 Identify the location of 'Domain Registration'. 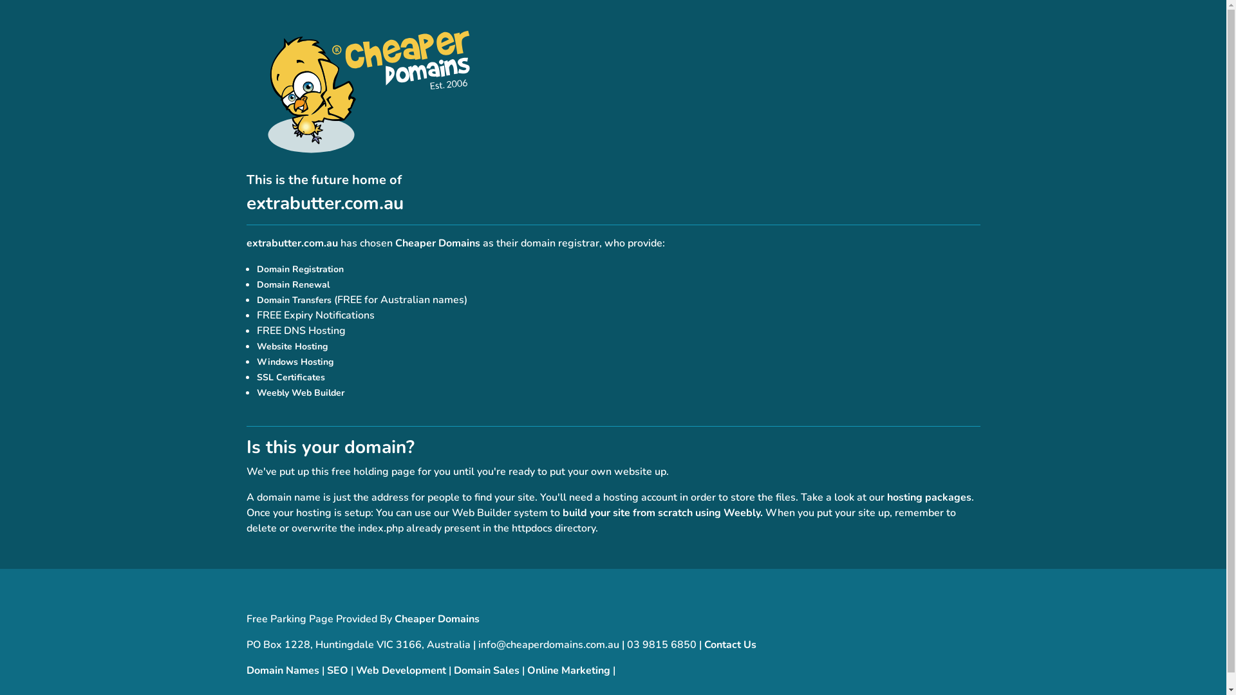
(299, 268).